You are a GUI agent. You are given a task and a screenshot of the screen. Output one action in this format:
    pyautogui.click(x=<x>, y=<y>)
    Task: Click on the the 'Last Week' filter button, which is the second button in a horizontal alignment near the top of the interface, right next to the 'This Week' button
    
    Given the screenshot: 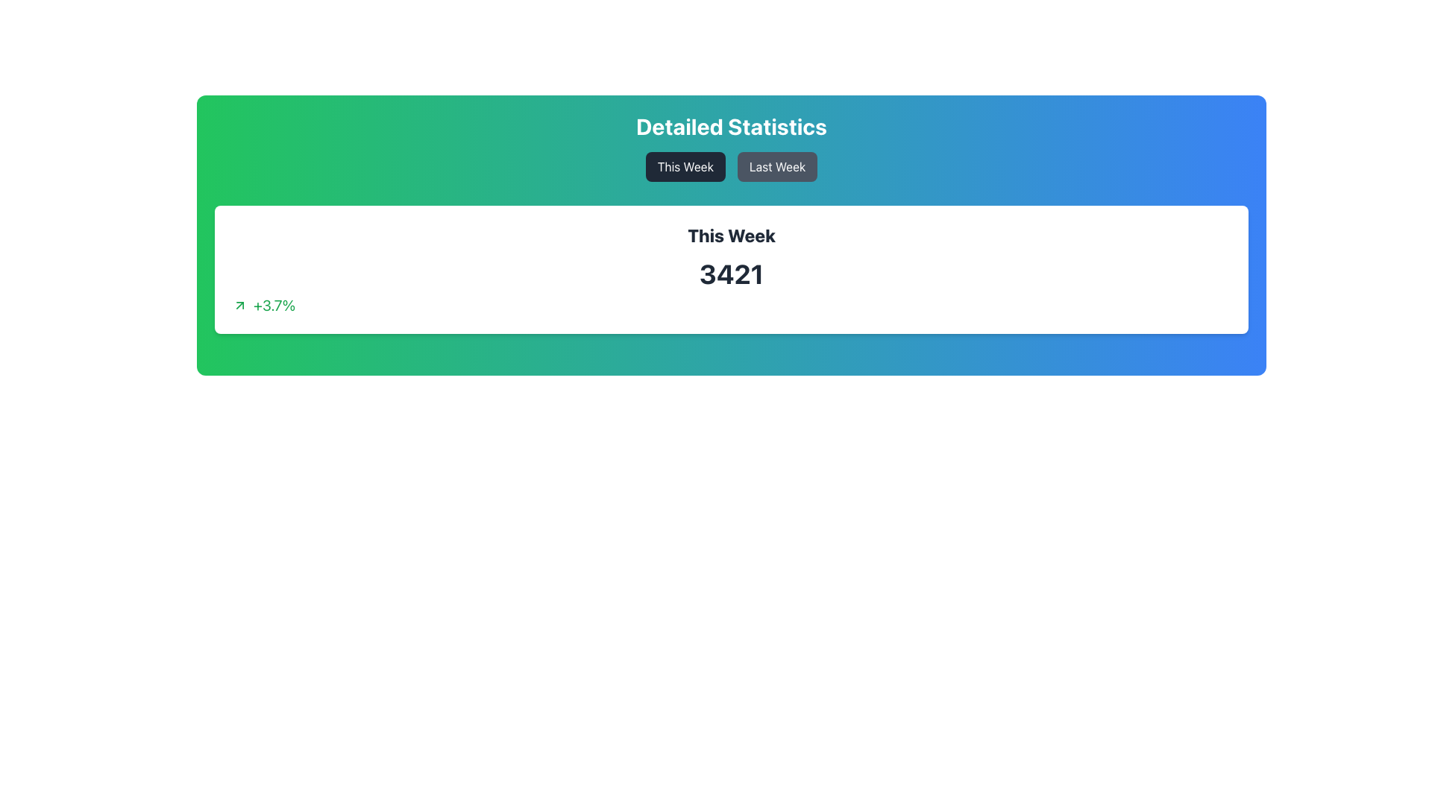 What is the action you would take?
    pyautogui.click(x=776, y=166)
    